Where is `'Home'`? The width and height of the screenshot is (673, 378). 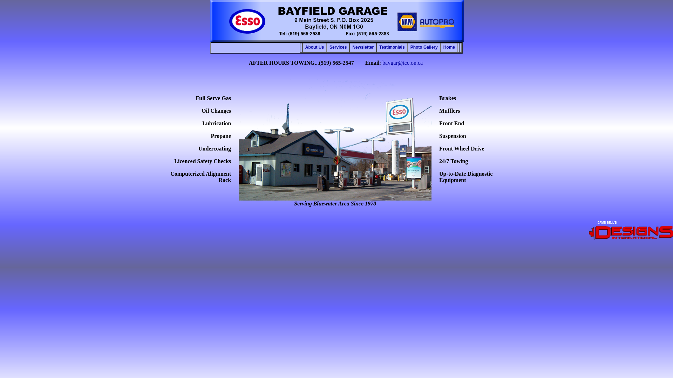 'Home' is located at coordinates (449, 47).